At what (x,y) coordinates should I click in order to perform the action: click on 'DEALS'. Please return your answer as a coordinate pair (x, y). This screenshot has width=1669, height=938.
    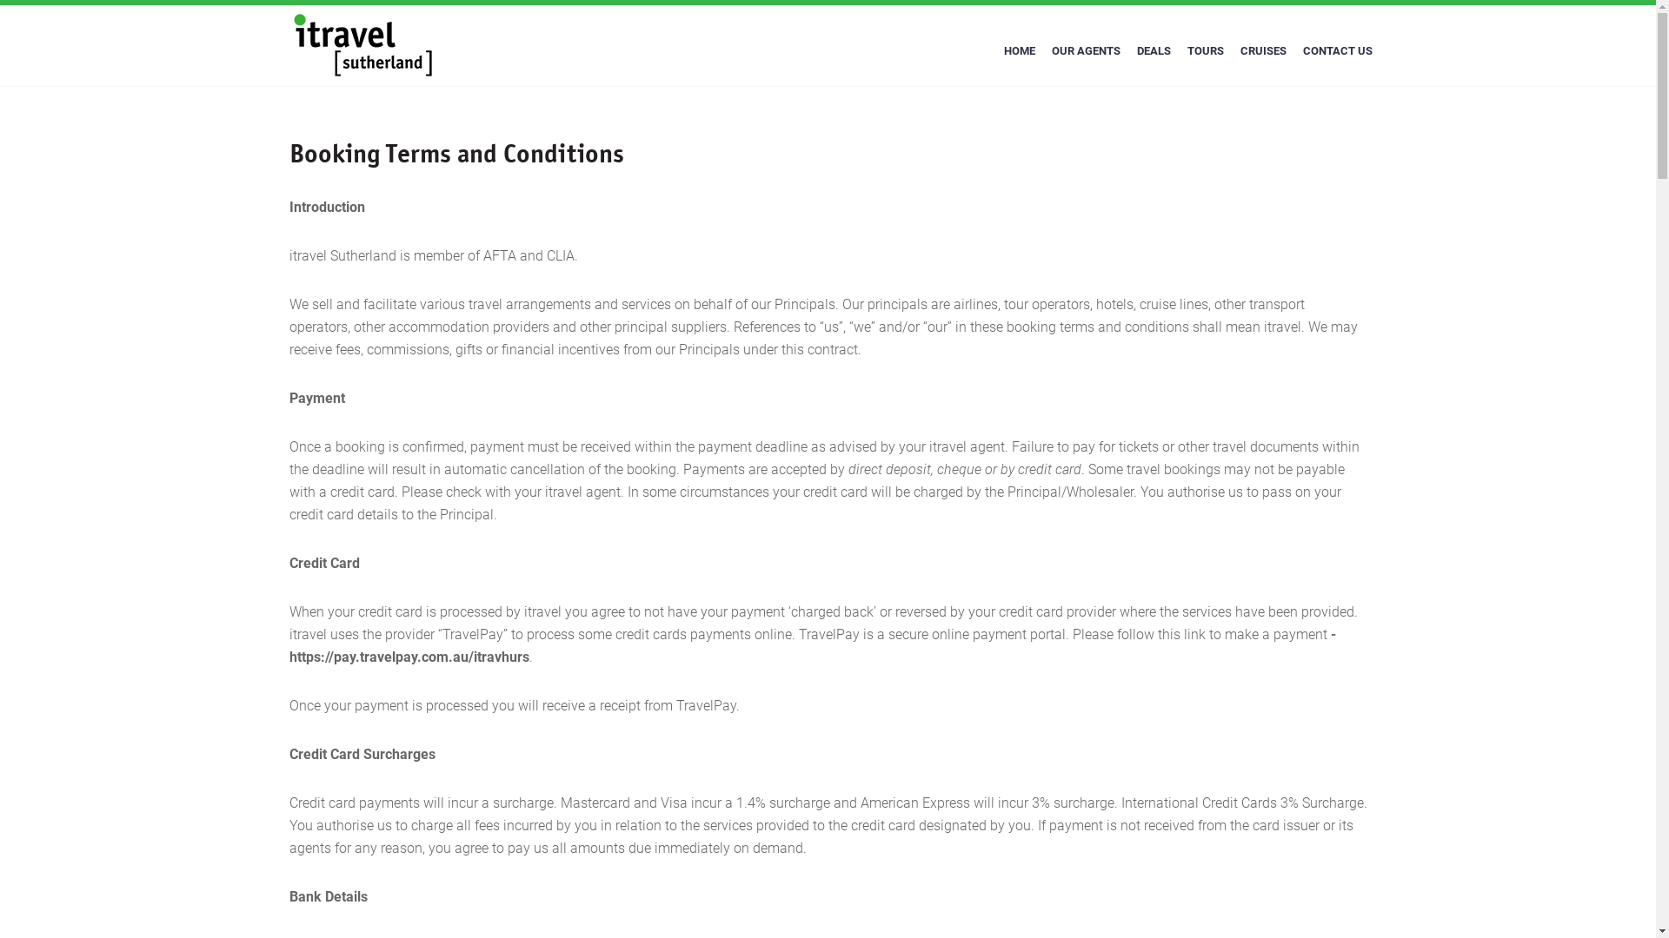
    Looking at the image, I should click on (1153, 50).